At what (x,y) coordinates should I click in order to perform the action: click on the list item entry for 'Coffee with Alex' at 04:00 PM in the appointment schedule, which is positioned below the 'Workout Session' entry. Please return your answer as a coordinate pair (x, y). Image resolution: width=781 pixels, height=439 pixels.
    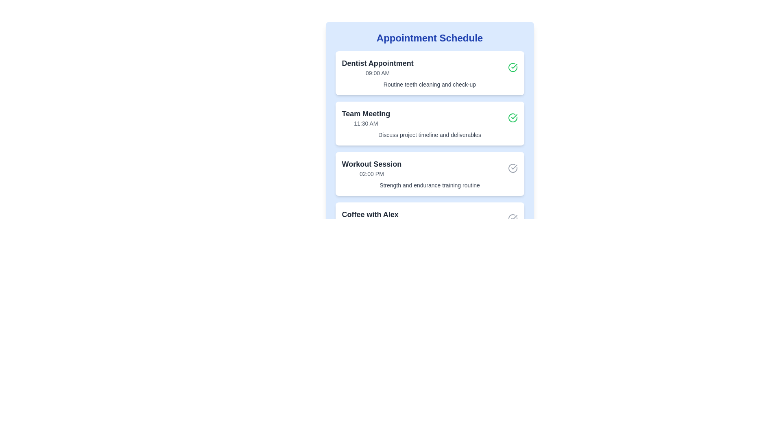
    Looking at the image, I should click on (370, 218).